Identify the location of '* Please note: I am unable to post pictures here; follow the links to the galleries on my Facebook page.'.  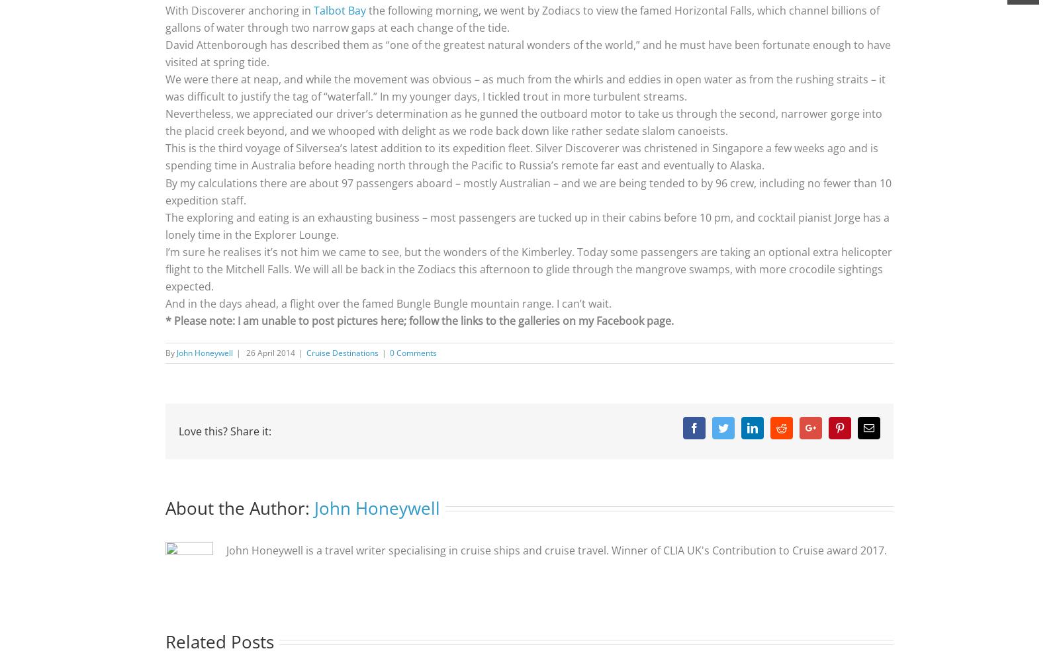
(419, 320).